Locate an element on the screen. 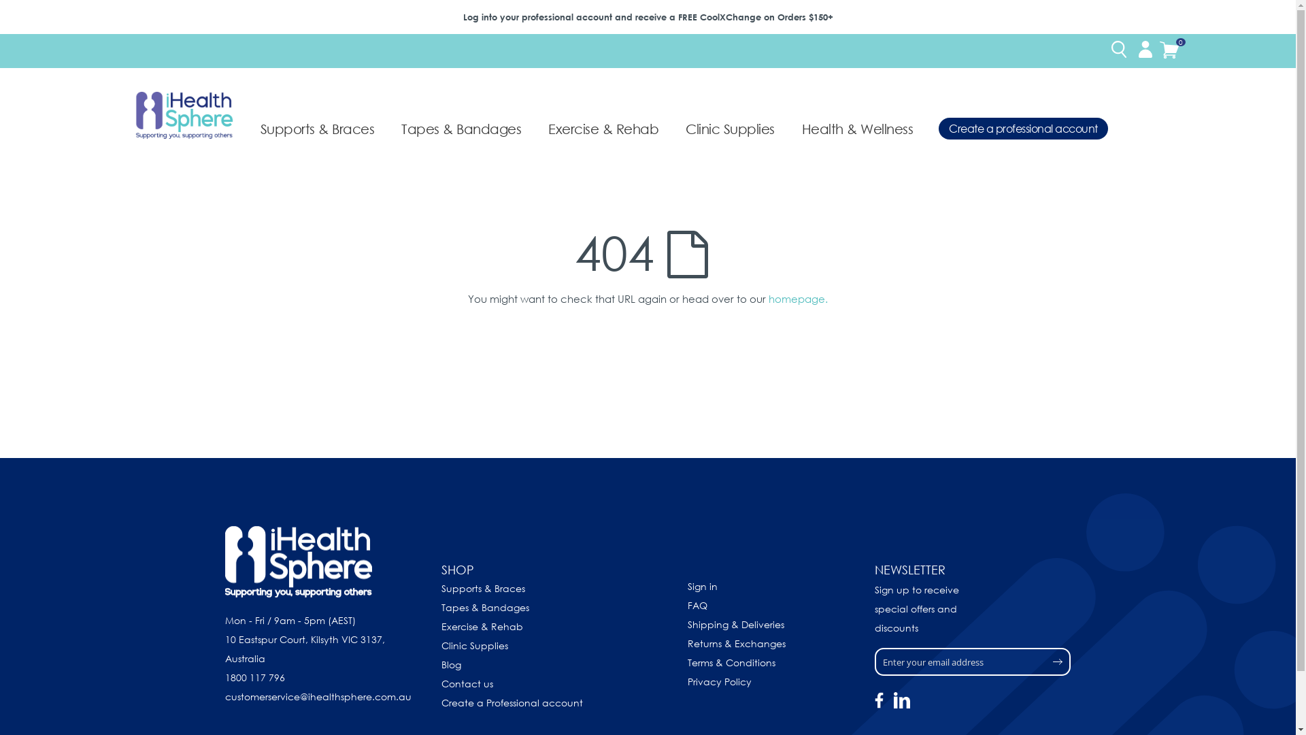  'Privacy Policy' is located at coordinates (718, 681).